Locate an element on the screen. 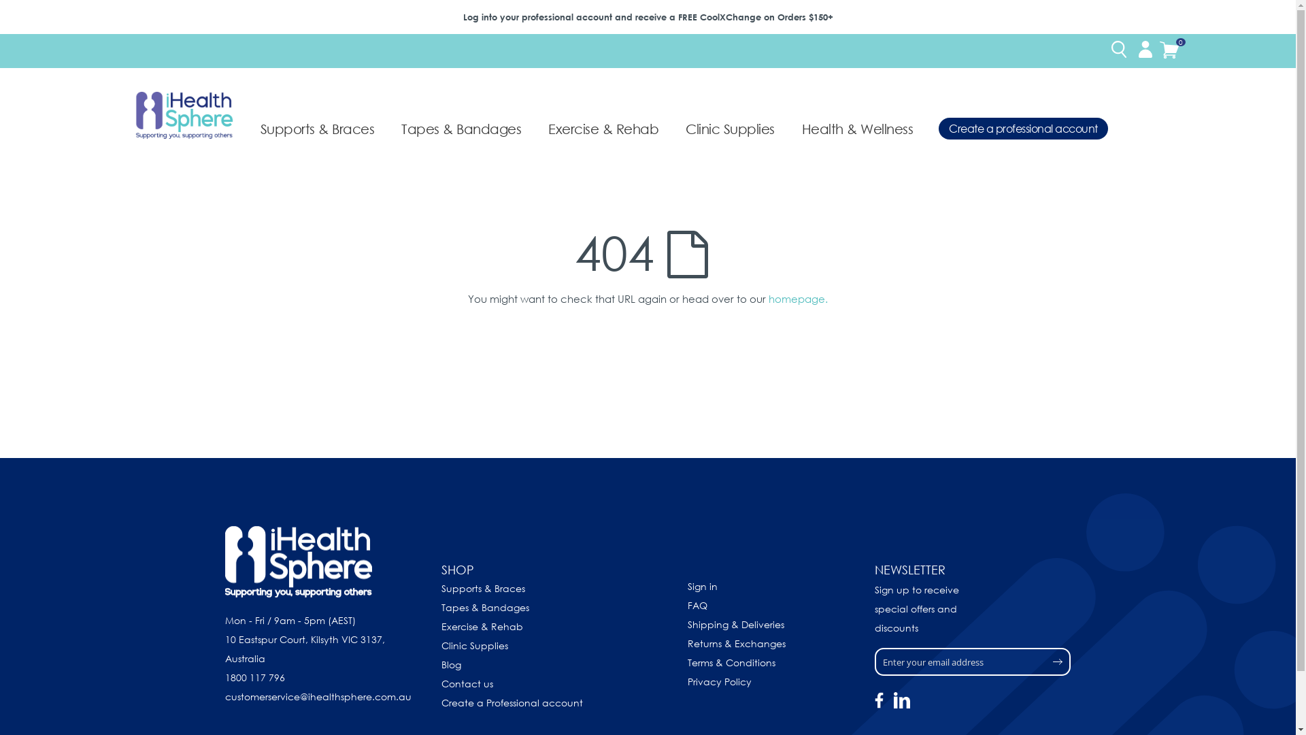  'Privacy Policy' is located at coordinates (718, 681).